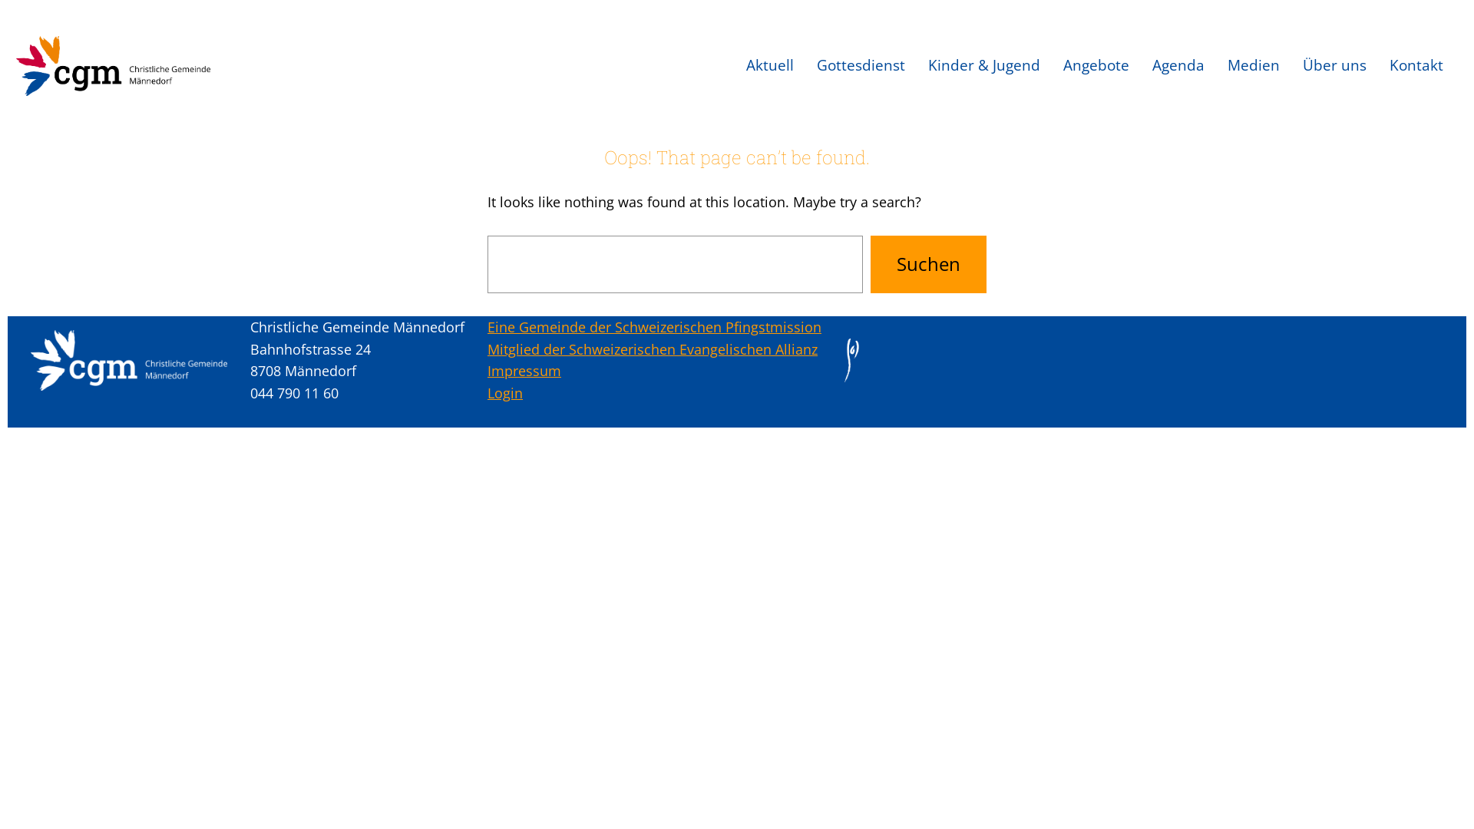  I want to click on 'Kontakt', so click(1415, 64).